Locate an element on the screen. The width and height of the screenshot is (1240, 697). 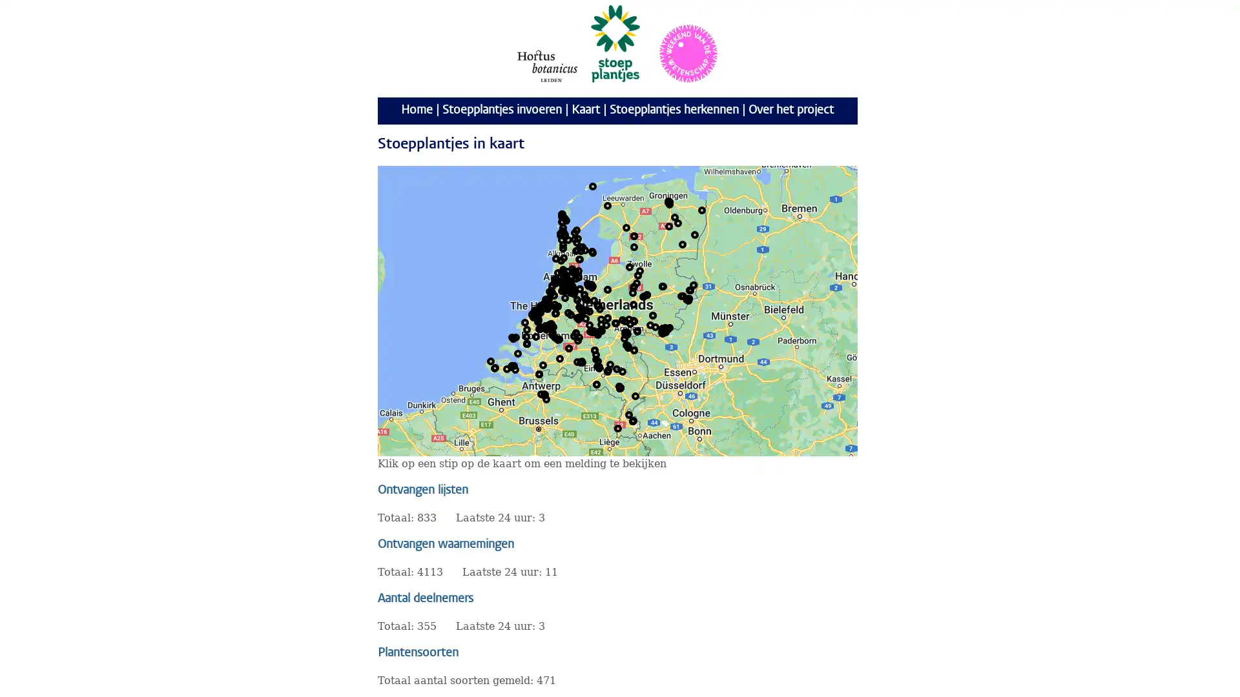
Telling van Elise op 03 juni 2022 is located at coordinates (527, 343).